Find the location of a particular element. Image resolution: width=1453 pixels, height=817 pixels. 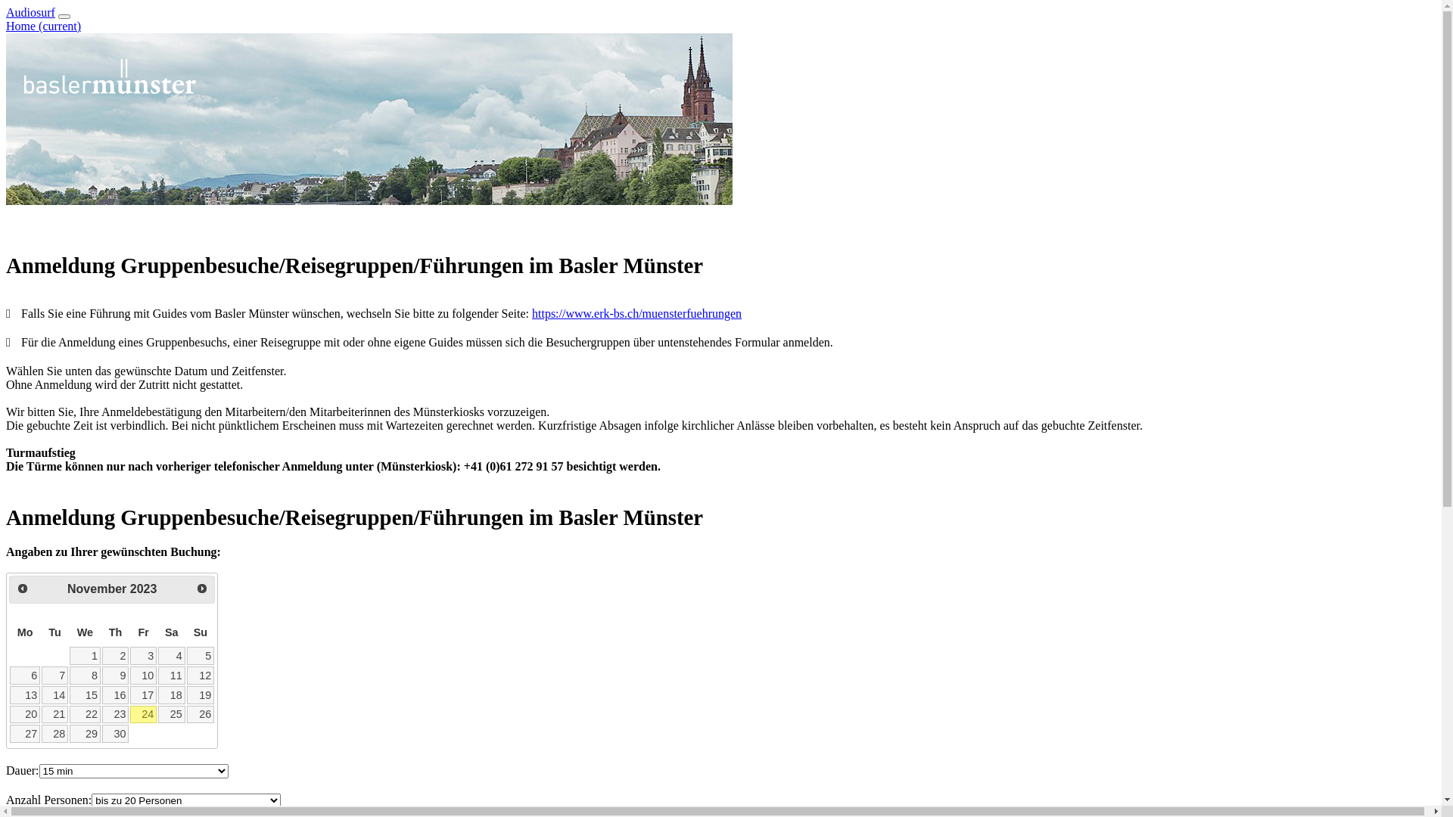

'Prev' is located at coordinates (22, 588).